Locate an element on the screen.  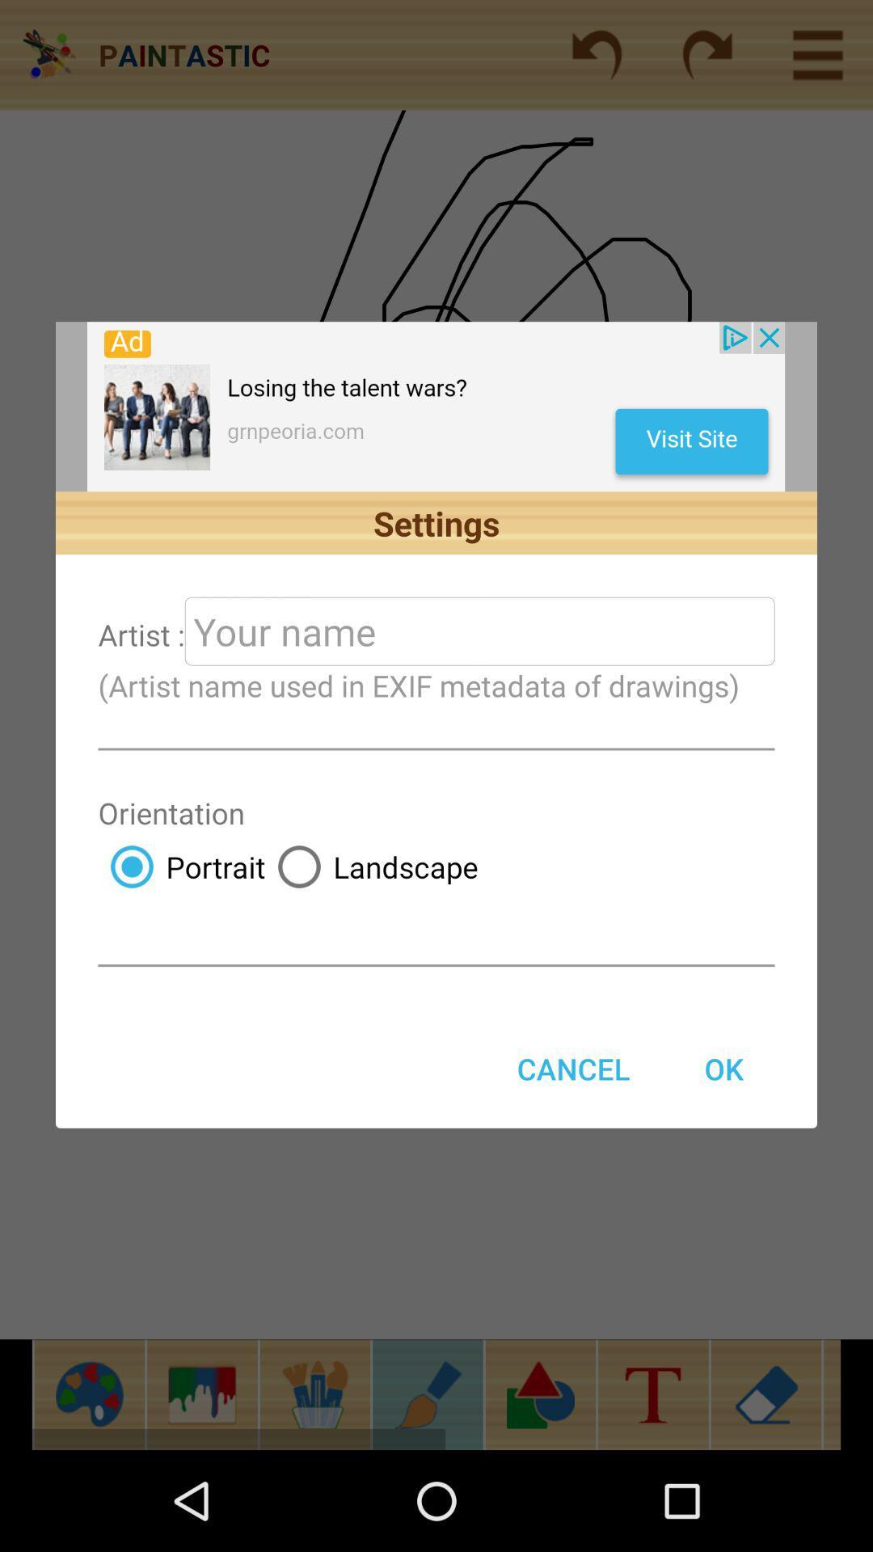
launch advertisement is located at coordinates (435, 407).